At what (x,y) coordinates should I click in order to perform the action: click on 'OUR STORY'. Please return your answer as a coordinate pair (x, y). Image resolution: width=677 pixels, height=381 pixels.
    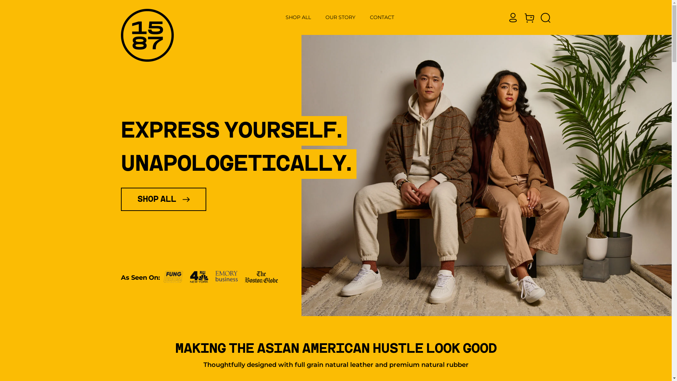
    Looking at the image, I should click on (340, 17).